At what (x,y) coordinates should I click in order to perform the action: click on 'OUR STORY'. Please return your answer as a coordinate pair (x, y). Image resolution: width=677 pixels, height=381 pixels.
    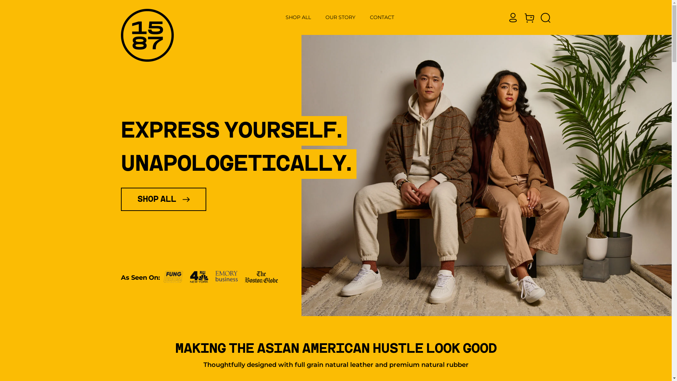
    Looking at the image, I should click on (340, 17).